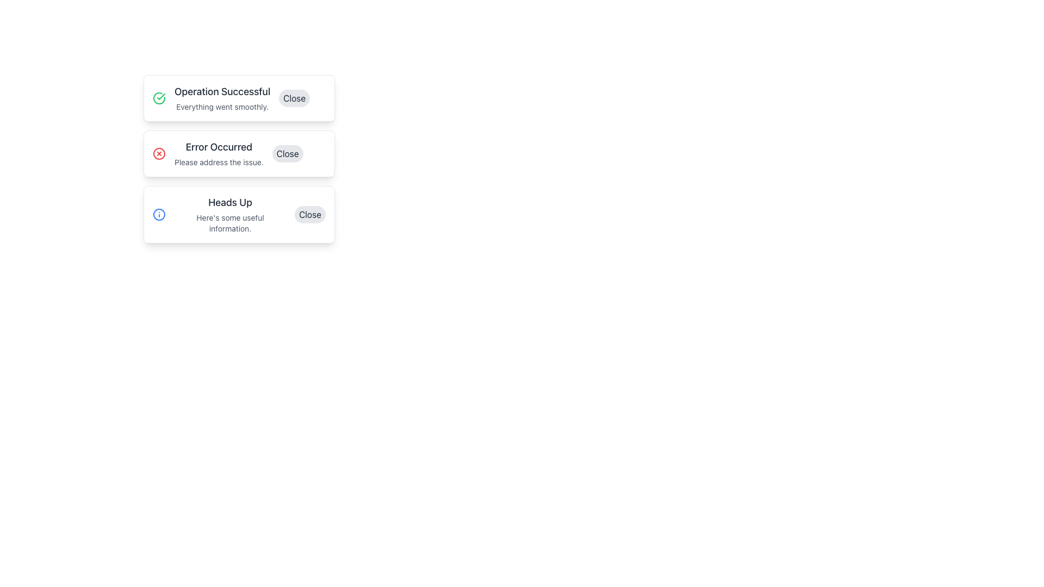 Image resolution: width=1044 pixels, height=587 pixels. What do you see at coordinates (239, 214) in the screenshot?
I see `title 'Heads Up' and subtext 'Here's some useful information.' from the Notification card with a dismiss button, which is the third card in a vertical stack of notifications` at bounding box center [239, 214].